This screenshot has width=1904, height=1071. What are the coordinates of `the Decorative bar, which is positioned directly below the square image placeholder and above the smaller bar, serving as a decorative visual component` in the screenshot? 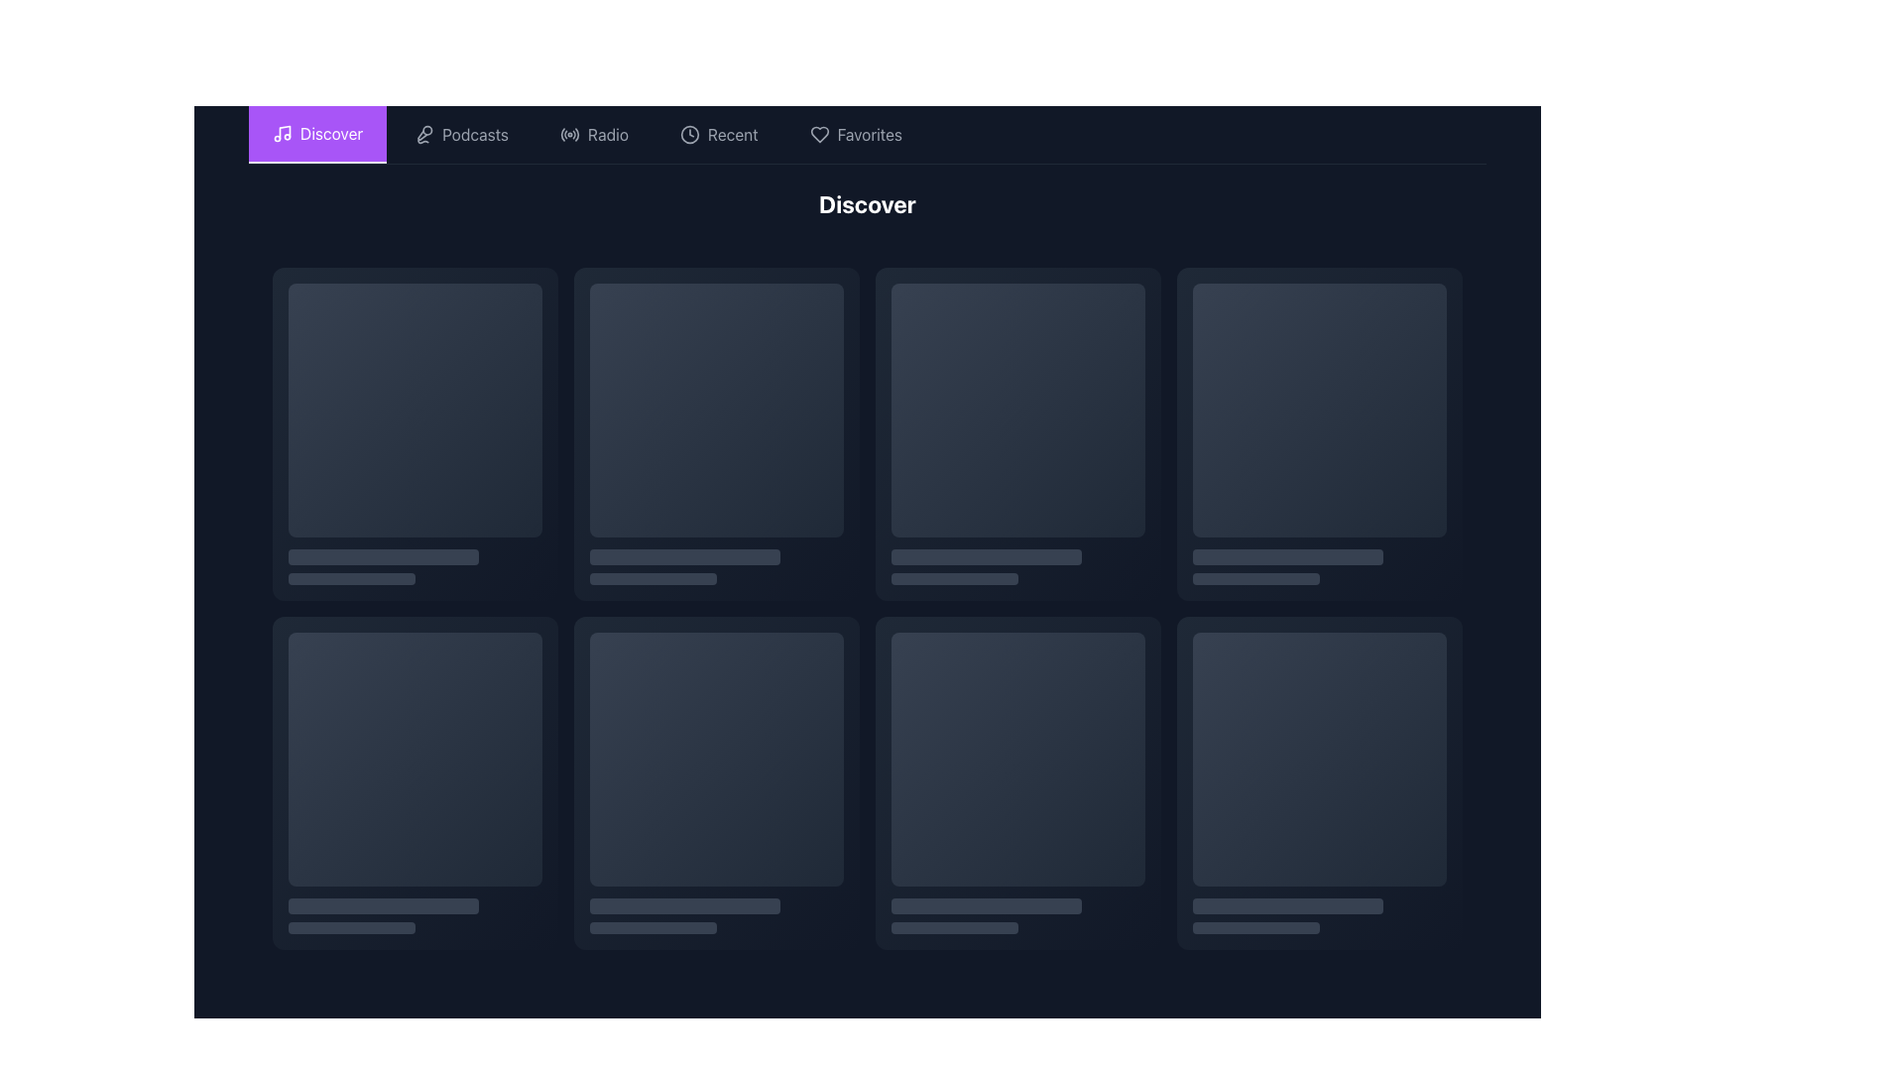 It's located at (1288, 557).